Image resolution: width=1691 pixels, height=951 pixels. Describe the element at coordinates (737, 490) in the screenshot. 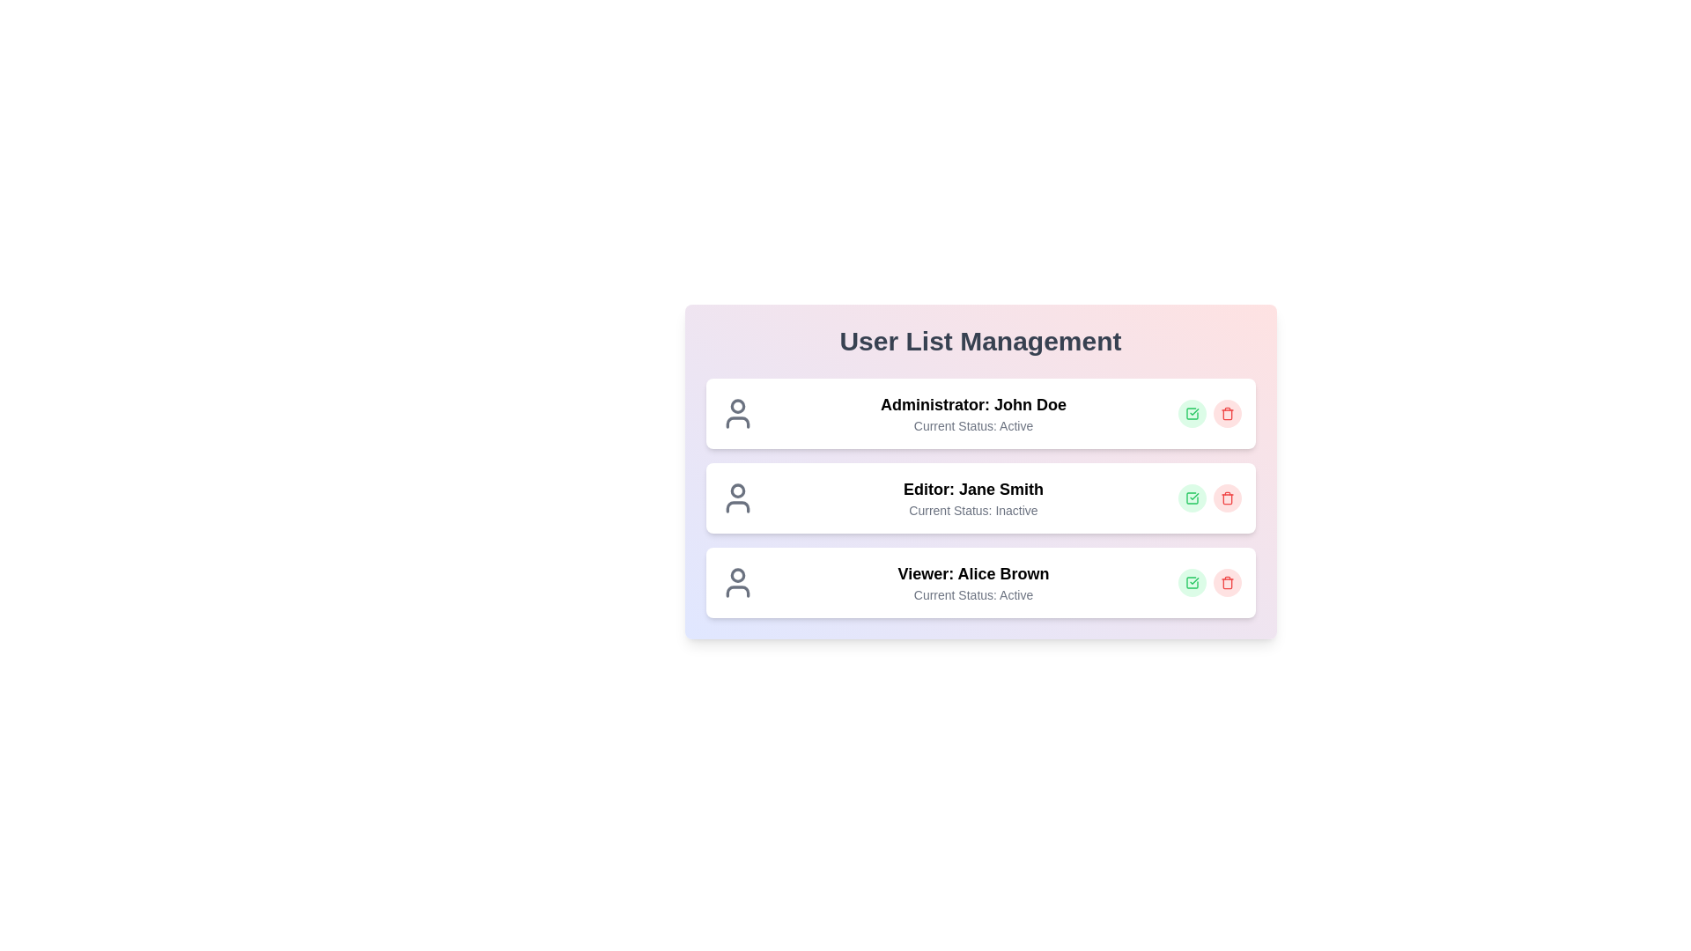

I see `the circular SVG element representing a user's profile picture, which is part of a user management interface and located in the second row of a vertical list` at that location.